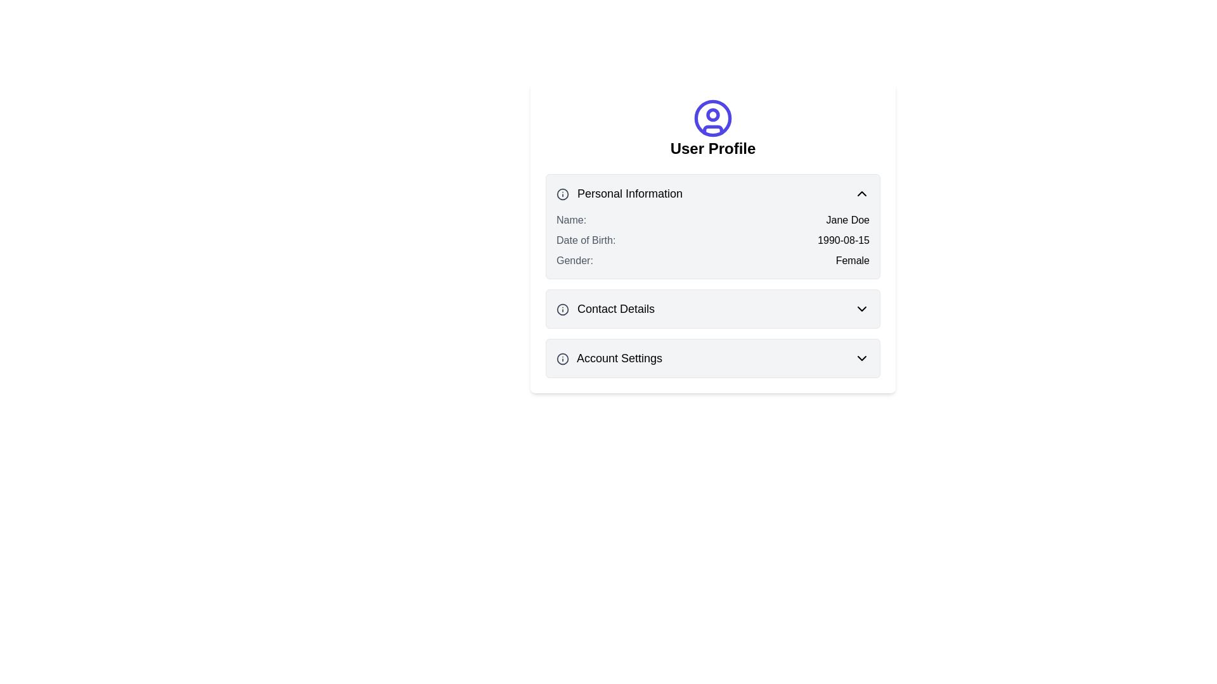  What do you see at coordinates (861, 358) in the screenshot?
I see `the dropdown indicator icon located in the bottom-right portion of the 'Account Settings' section` at bounding box center [861, 358].